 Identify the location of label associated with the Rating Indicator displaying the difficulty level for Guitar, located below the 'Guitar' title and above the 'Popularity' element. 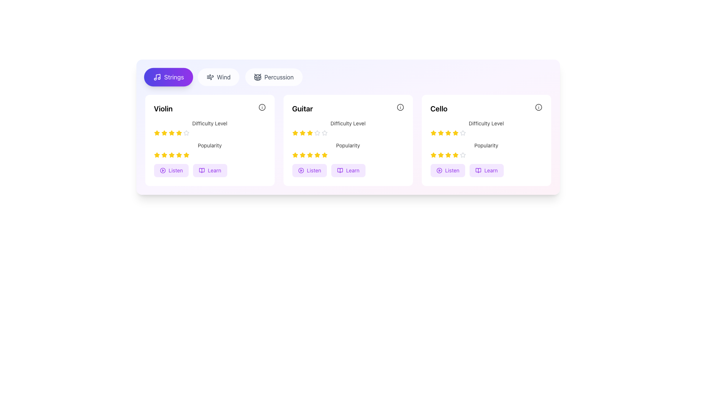
(347, 127).